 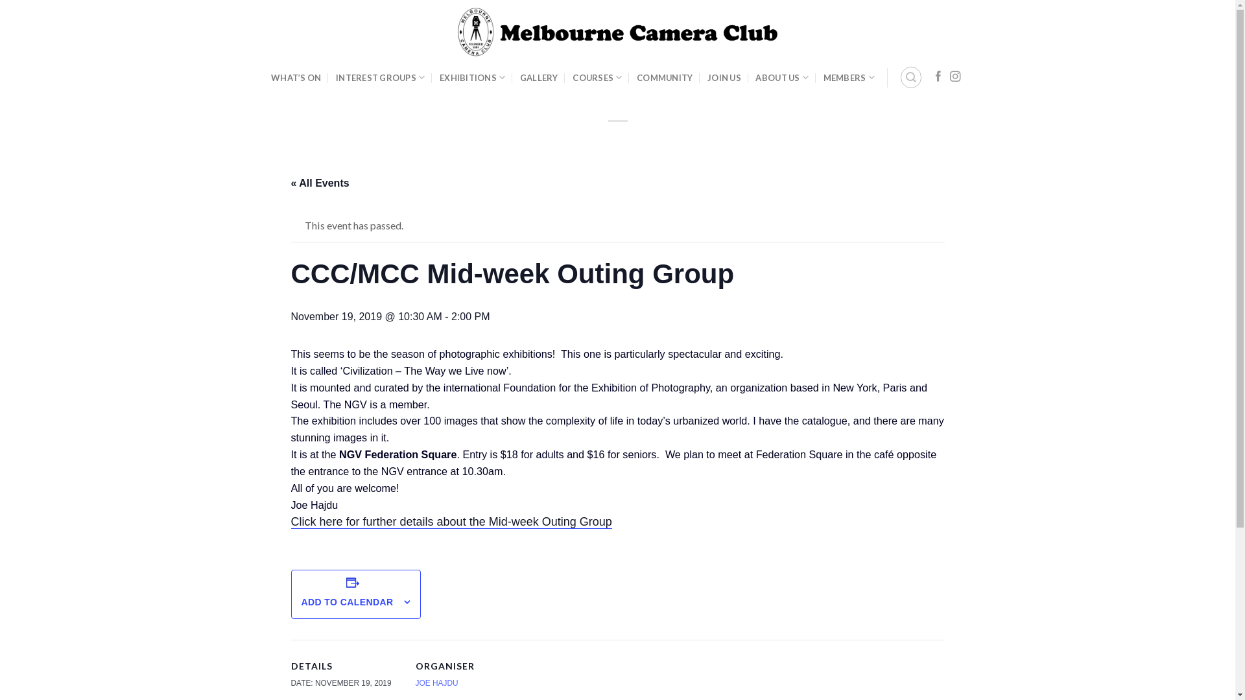 What do you see at coordinates (955, 77) in the screenshot?
I see `'Follow on Instagram'` at bounding box center [955, 77].